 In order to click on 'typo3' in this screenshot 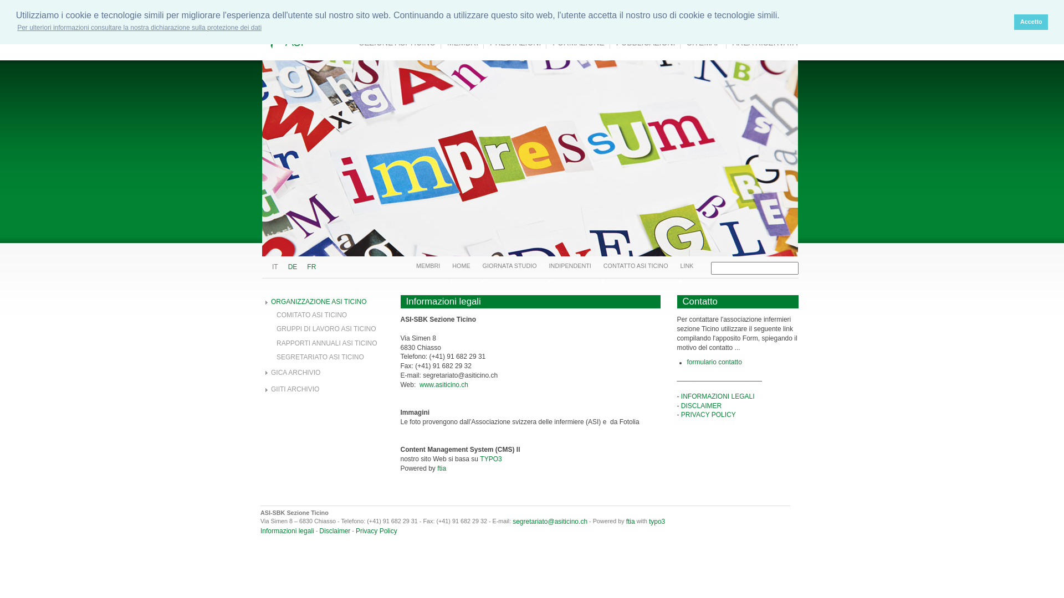, I will do `click(657, 521)`.